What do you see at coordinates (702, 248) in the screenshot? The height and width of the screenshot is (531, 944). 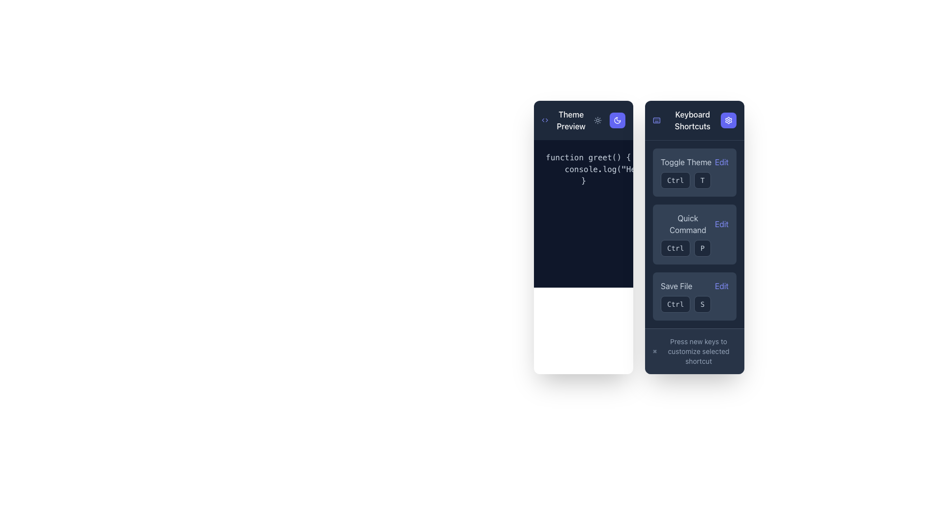 I see `the Text button displaying 'P' which represents part of the keyboard shortcut for the 'Quick Command' action, located within the right-hand pane of the interface` at bounding box center [702, 248].